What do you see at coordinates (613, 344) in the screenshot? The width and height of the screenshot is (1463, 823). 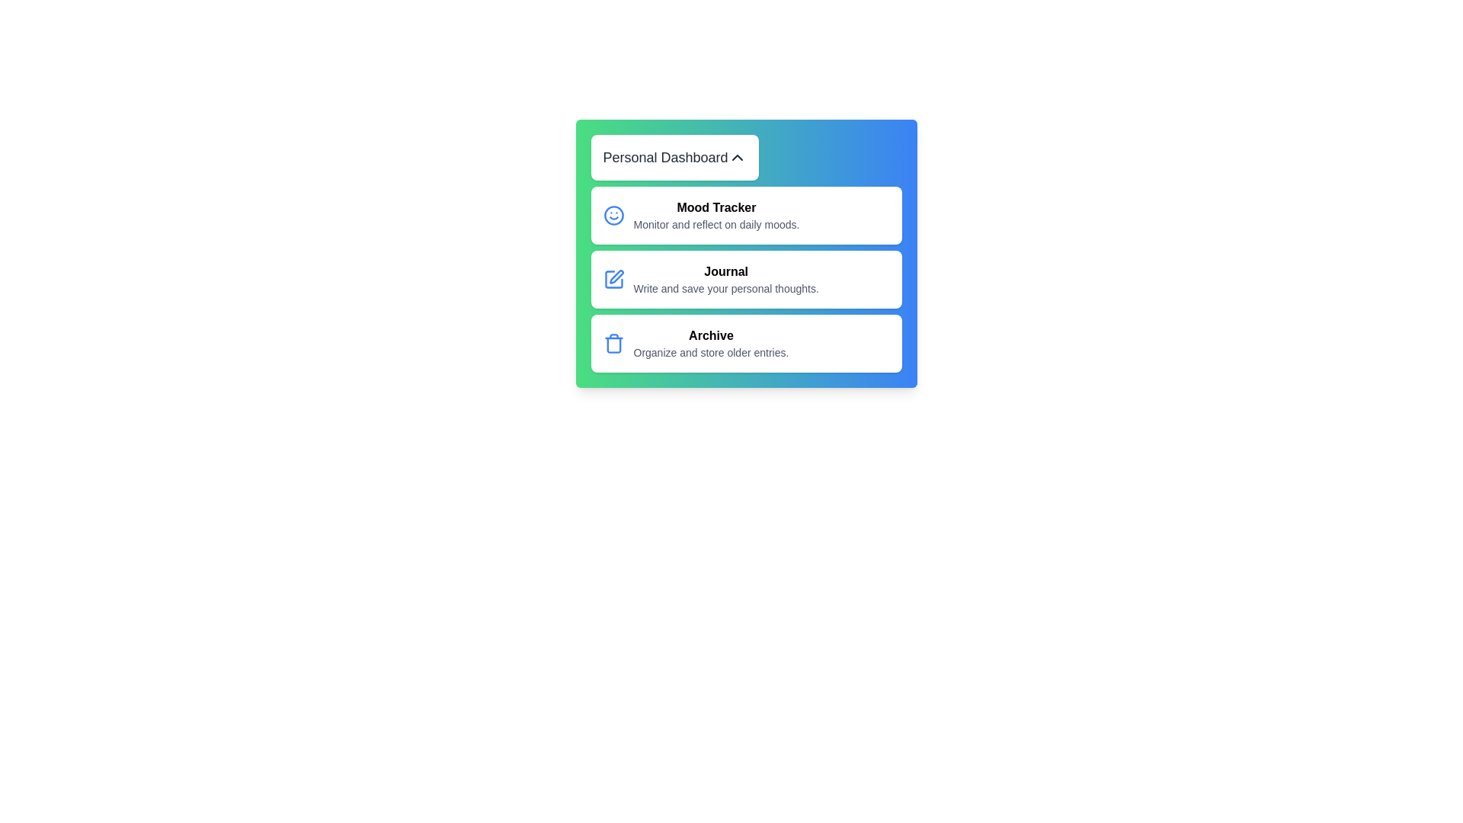 I see `the icon next to the menu item Archive` at bounding box center [613, 344].